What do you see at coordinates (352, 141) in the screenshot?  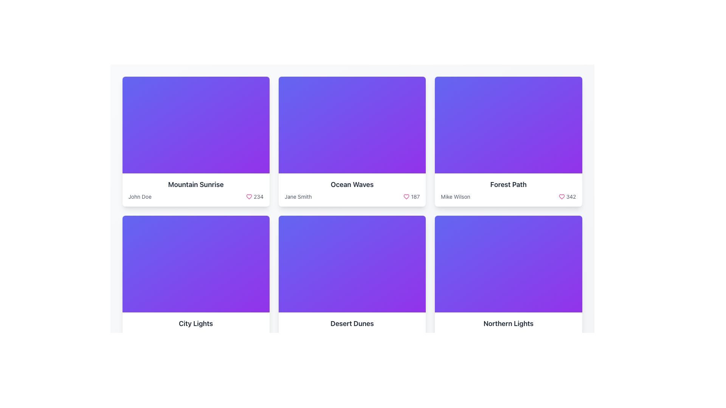 I see `the 'Ocean Waves' card, which has a gradient background and displays 'Jane Smith' and a heart icon` at bounding box center [352, 141].